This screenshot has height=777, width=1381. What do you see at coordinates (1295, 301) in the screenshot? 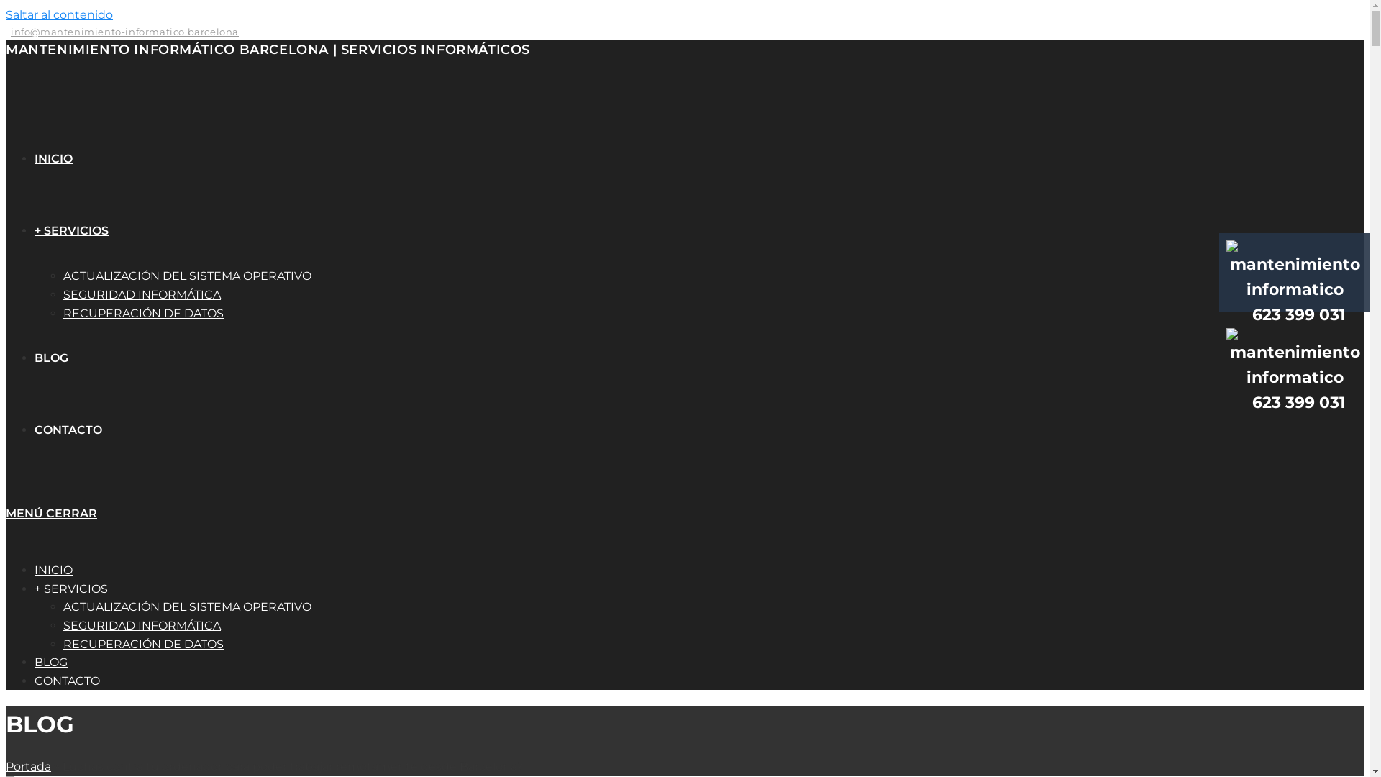
I see `'  623 399 031'` at bounding box center [1295, 301].